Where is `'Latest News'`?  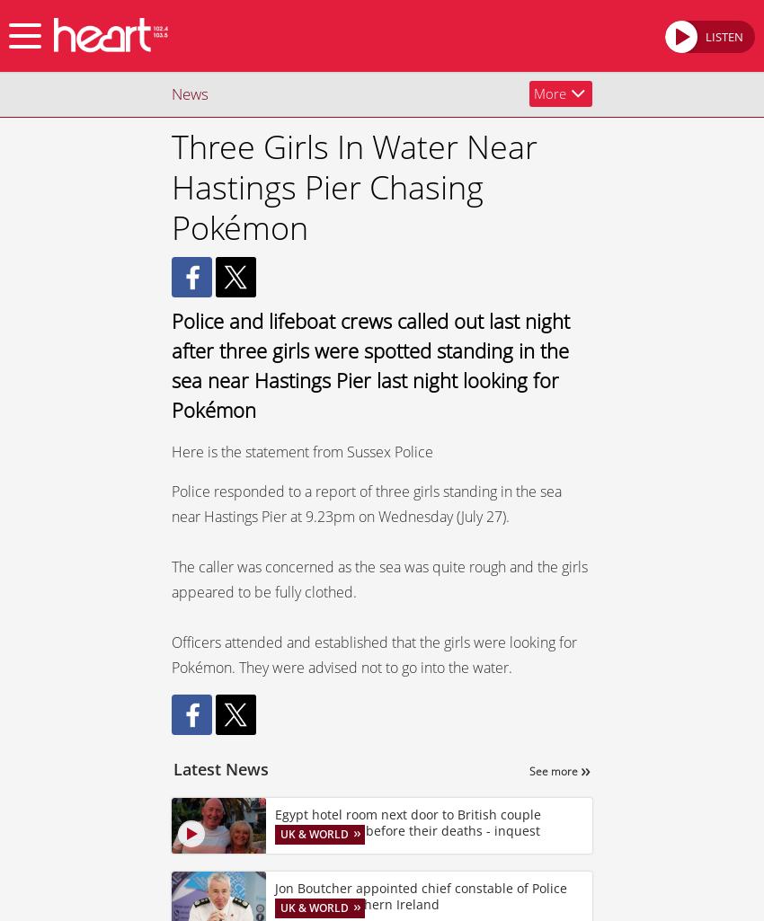 'Latest News' is located at coordinates (173, 768).